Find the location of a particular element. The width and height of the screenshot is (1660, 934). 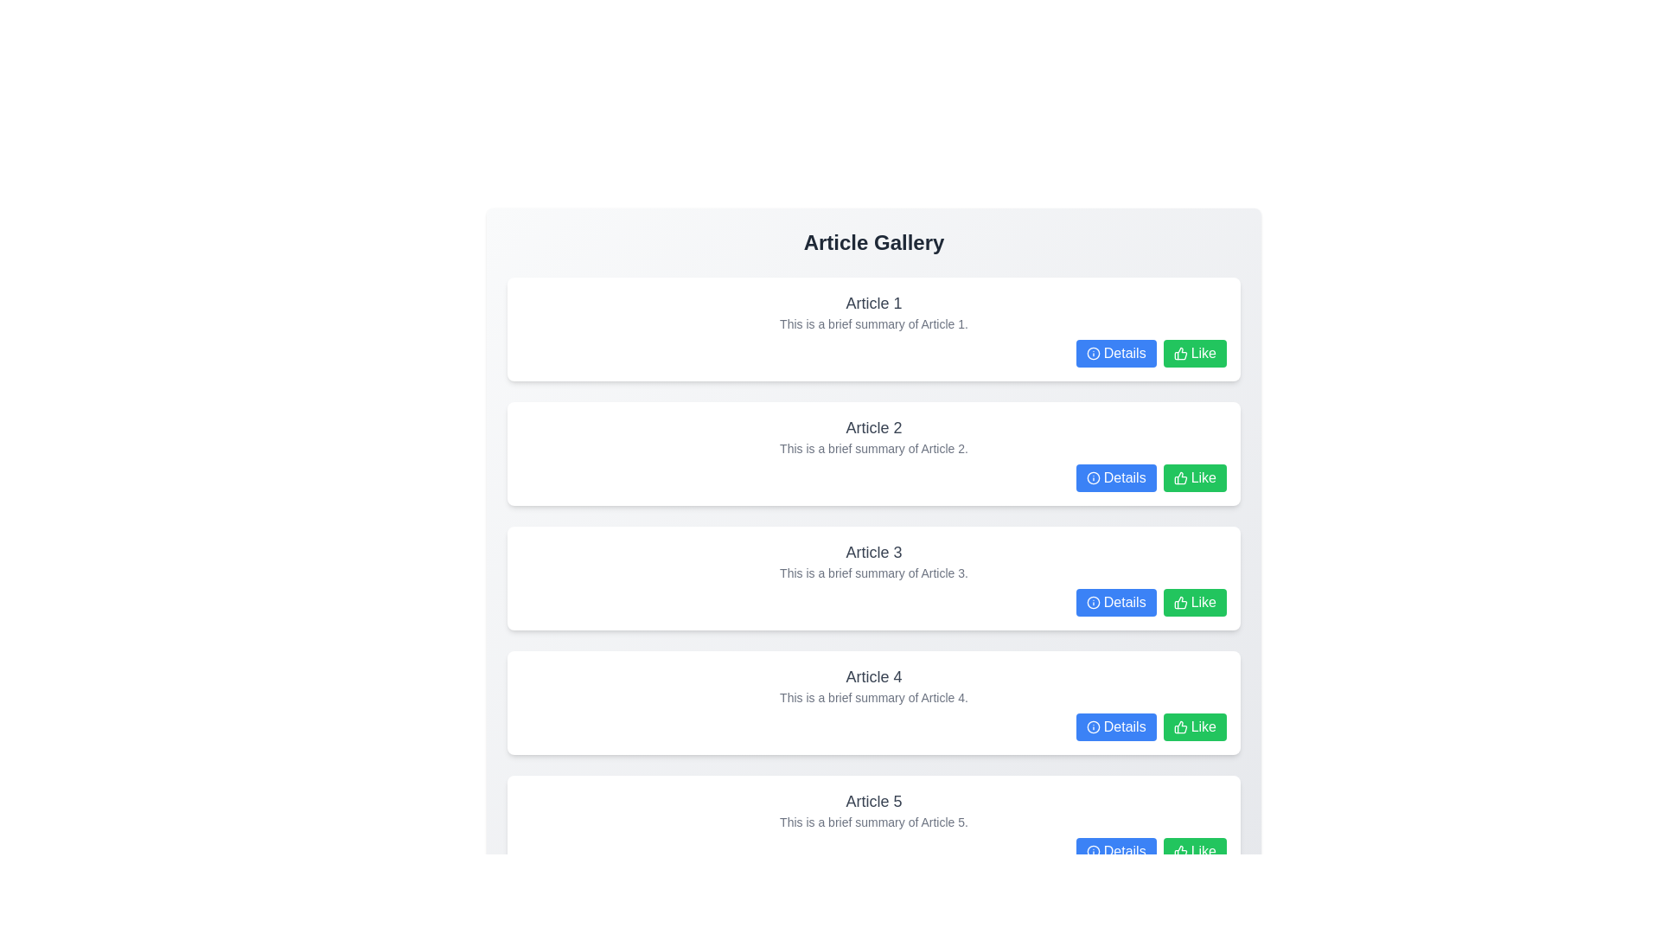

the 'Like' button icon that visually represents the action of 'liking' an article, positioned in the last column of the horizontal layout with the 'Details' button is located at coordinates (1179, 352).